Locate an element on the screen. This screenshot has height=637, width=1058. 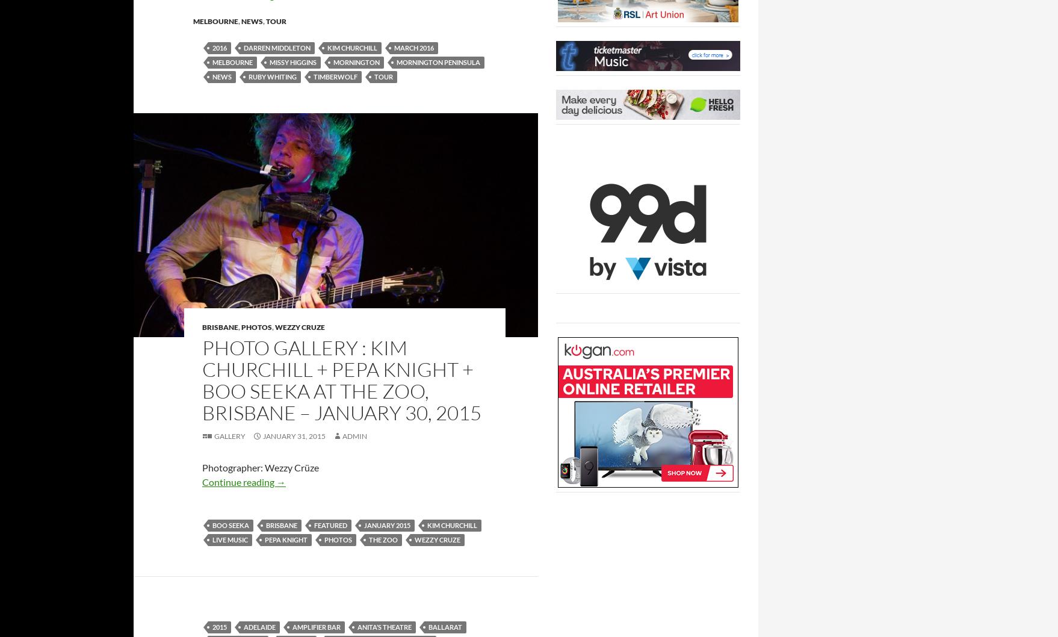
'the zoo' is located at coordinates (383, 539).